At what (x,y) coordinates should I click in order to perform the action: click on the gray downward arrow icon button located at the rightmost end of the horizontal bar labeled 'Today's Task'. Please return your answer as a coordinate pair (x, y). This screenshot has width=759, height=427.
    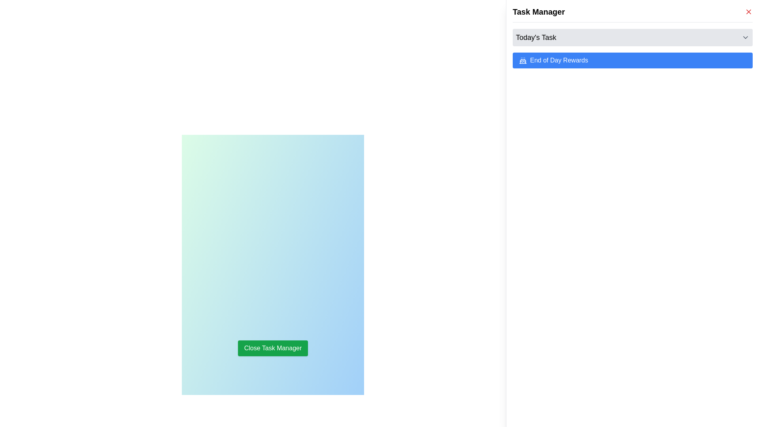
    Looking at the image, I should click on (745, 38).